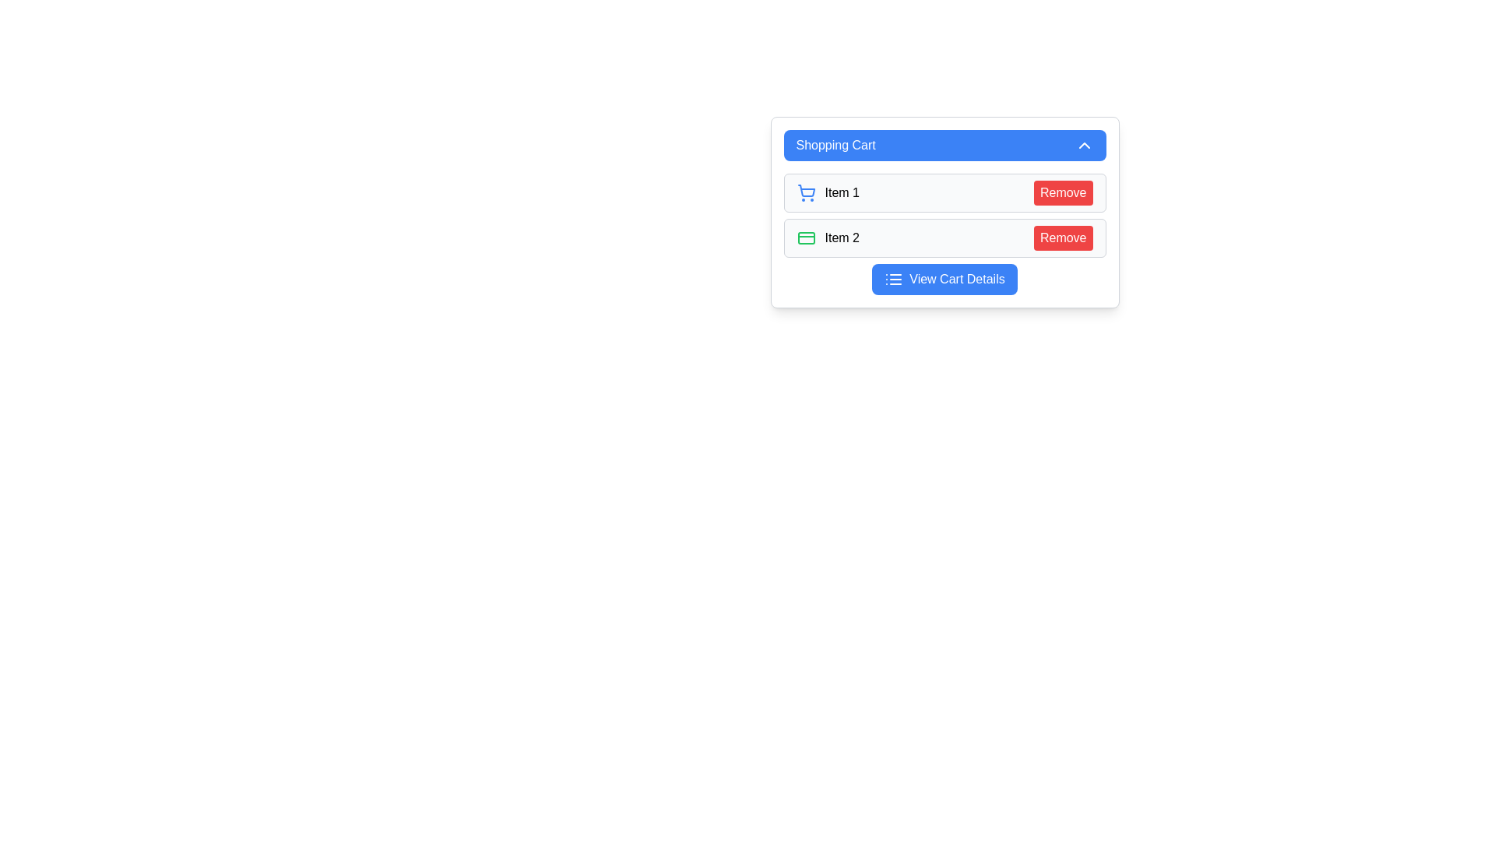  What do you see at coordinates (841, 238) in the screenshot?
I see `the text label reading 'Item 2' in black, which is the second item in the shopping cart list, located next to a green credit card icon` at bounding box center [841, 238].